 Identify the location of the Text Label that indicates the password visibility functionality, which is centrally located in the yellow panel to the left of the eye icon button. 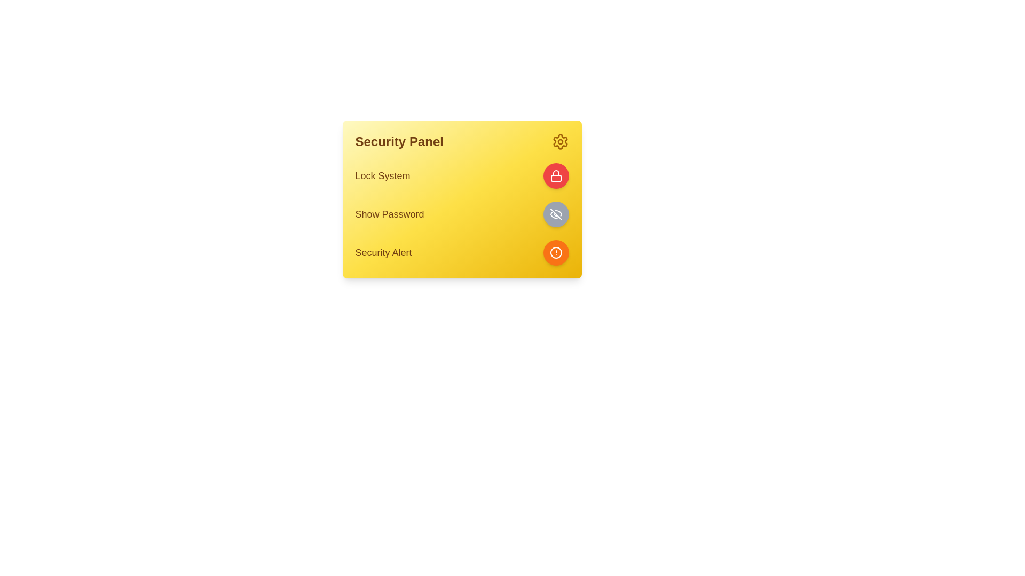
(389, 214).